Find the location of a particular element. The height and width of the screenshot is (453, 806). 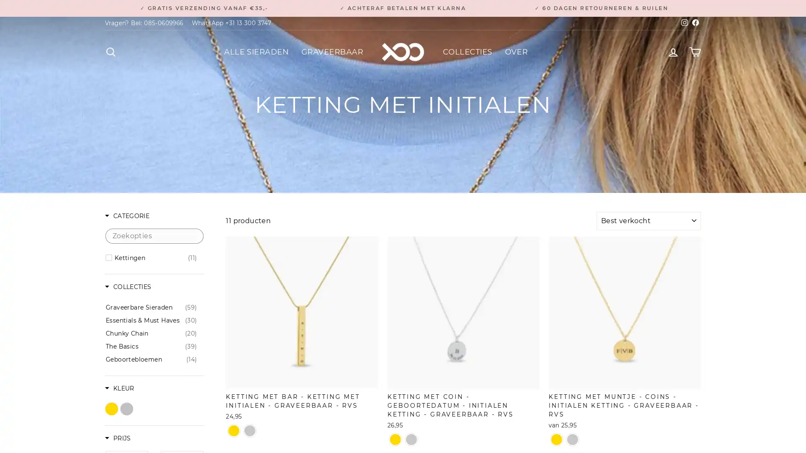

Filter by Categorie is located at coordinates (126, 216).